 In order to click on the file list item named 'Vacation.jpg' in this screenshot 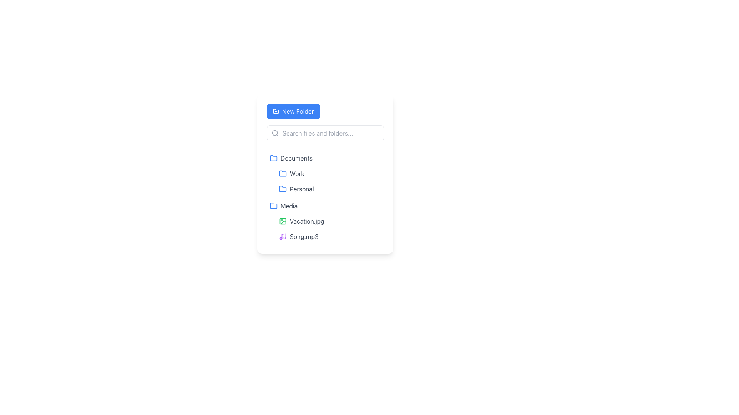, I will do `click(325, 221)`.